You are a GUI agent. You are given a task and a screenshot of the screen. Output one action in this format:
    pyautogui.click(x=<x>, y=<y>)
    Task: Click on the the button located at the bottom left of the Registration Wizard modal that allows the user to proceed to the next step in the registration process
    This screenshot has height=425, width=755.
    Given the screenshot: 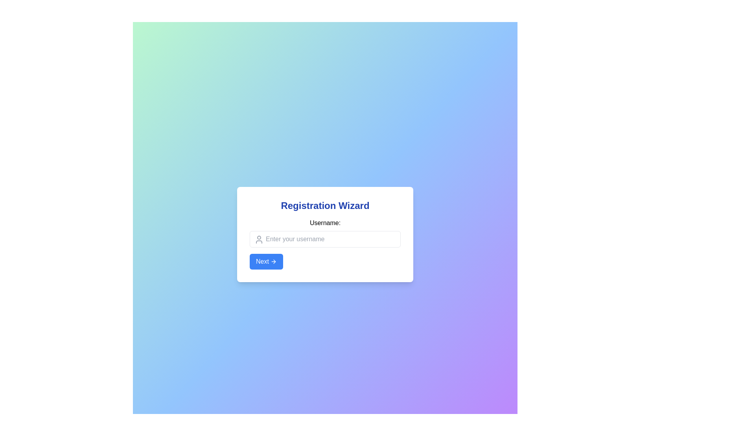 What is the action you would take?
    pyautogui.click(x=266, y=261)
    